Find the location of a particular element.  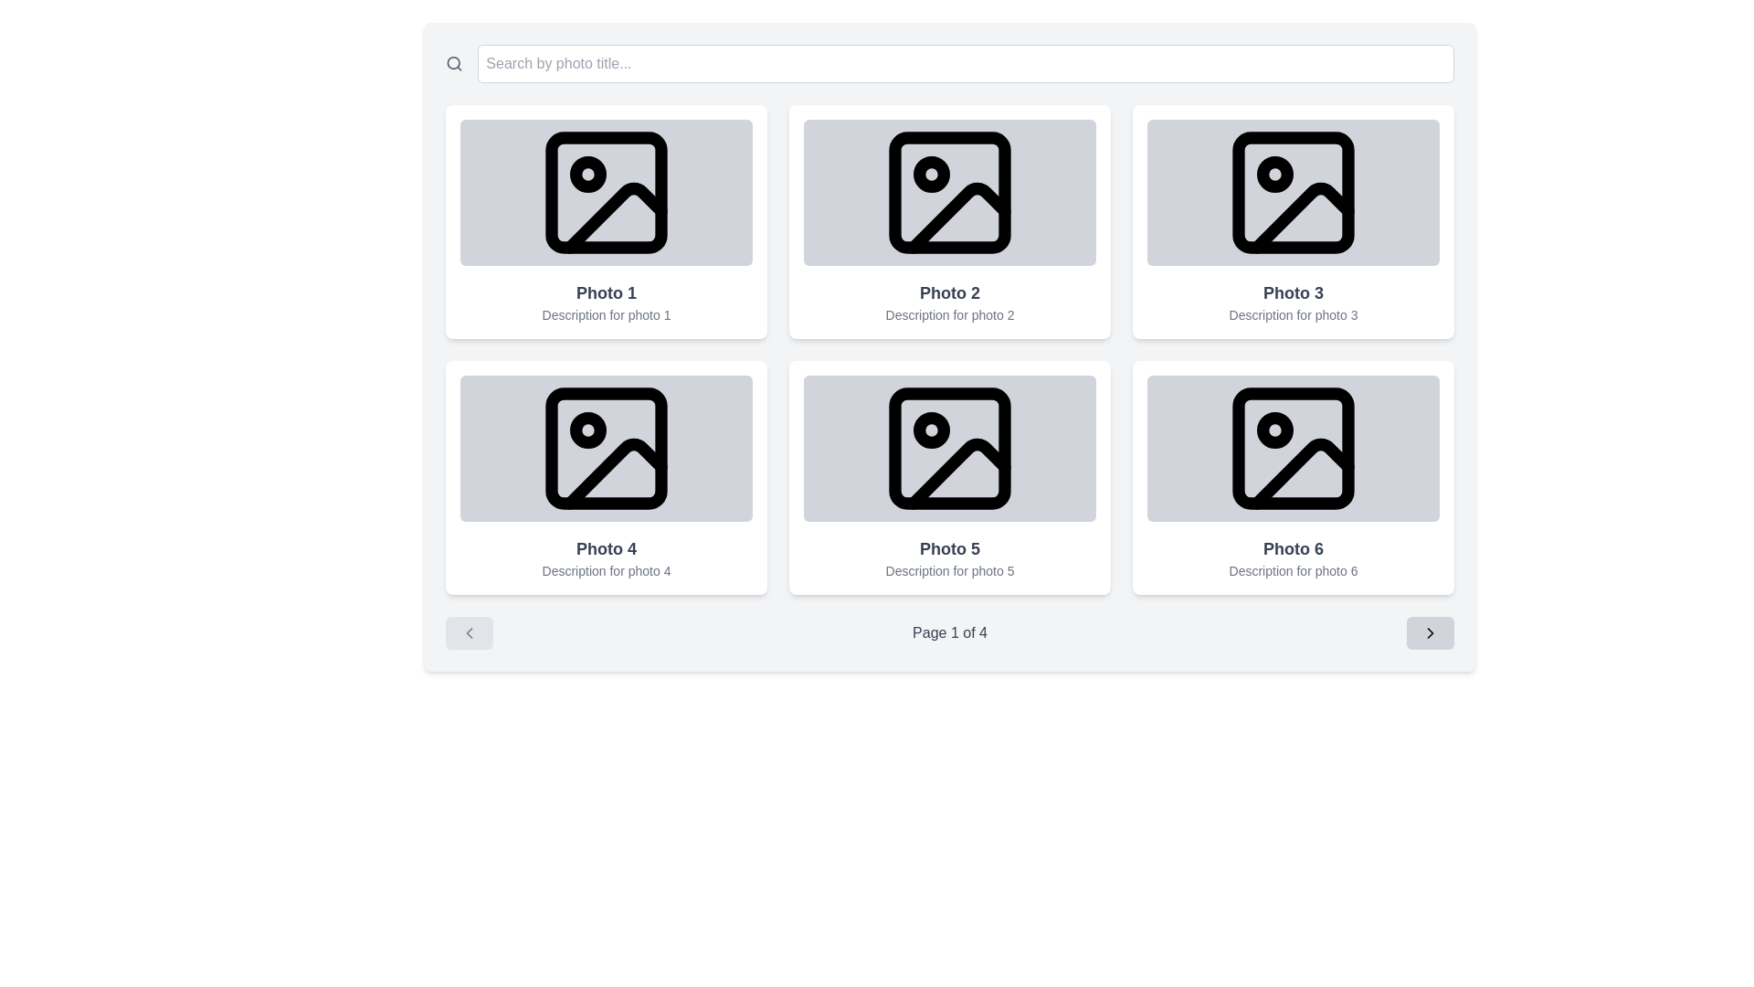

the primary title Text label located in the fifth card of the grid layout, positioned below the image placeholder and above the descriptive text is located at coordinates (950, 548).